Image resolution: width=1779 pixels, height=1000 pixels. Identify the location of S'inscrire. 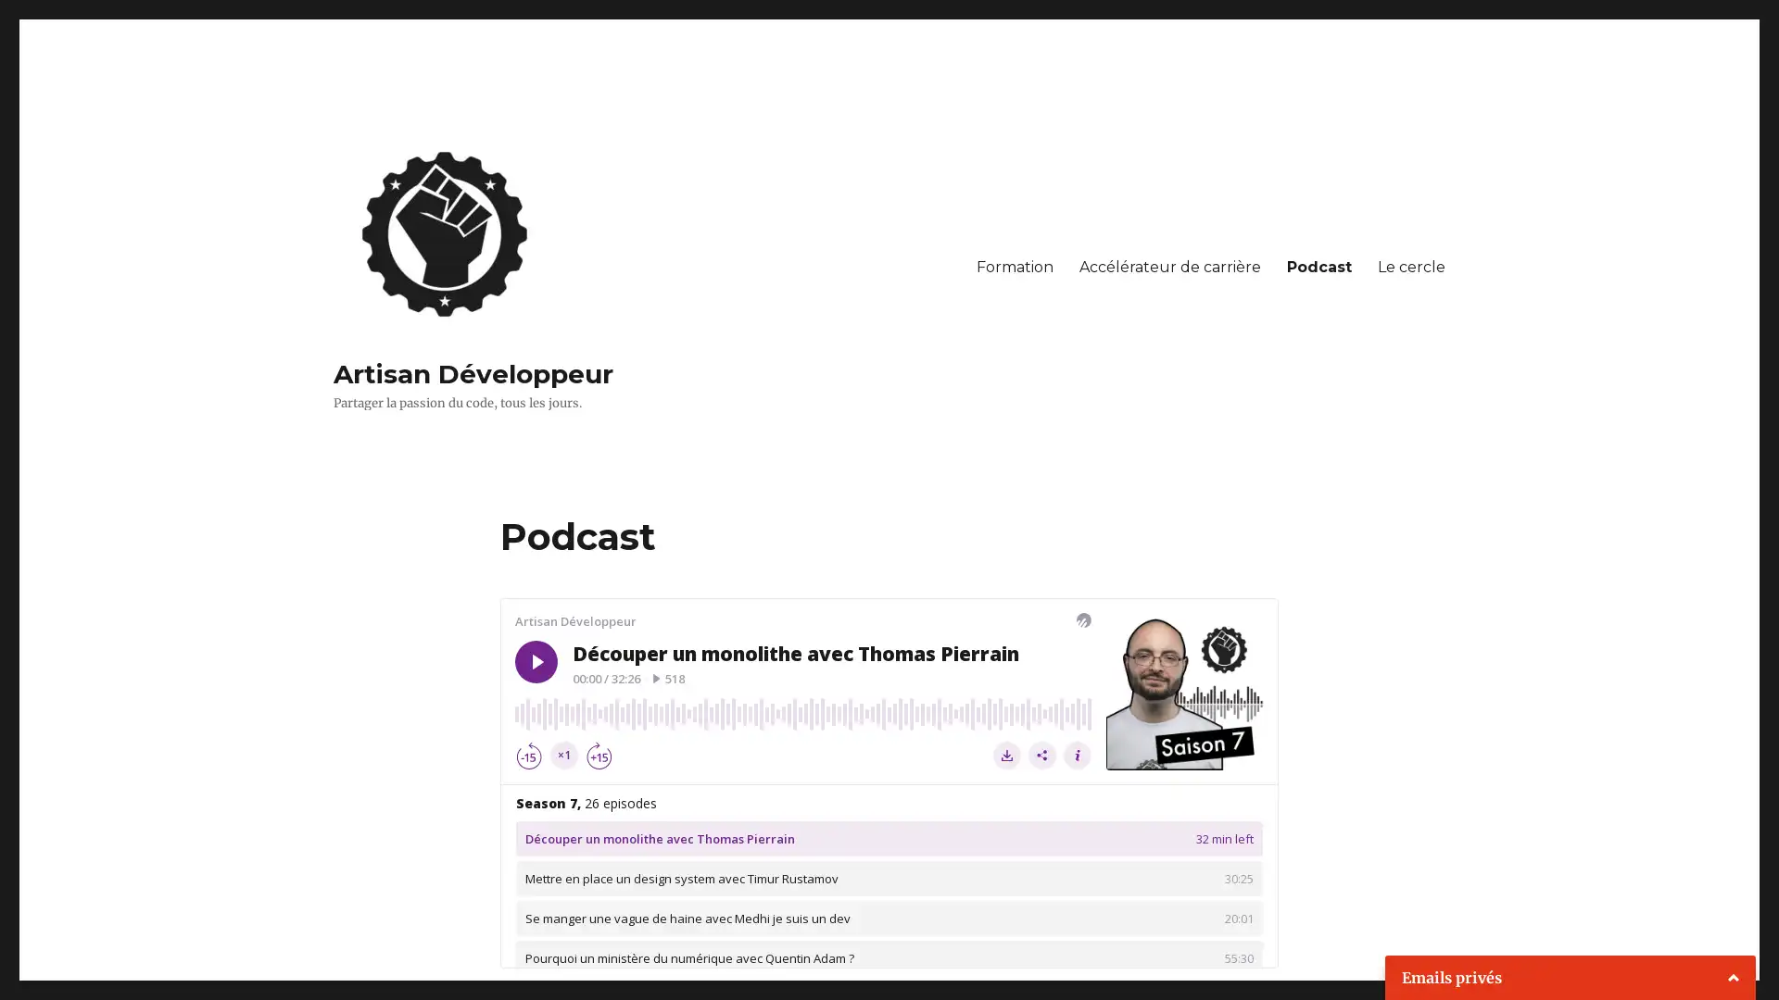
(1565, 954).